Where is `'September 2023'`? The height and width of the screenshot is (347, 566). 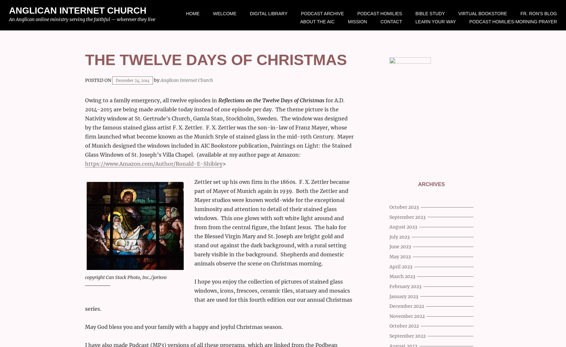 'September 2023' is located at coordinates (407, 217).